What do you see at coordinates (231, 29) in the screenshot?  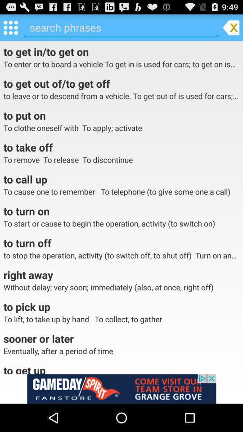 I see `the close icon` at bounding box center [231, 29].